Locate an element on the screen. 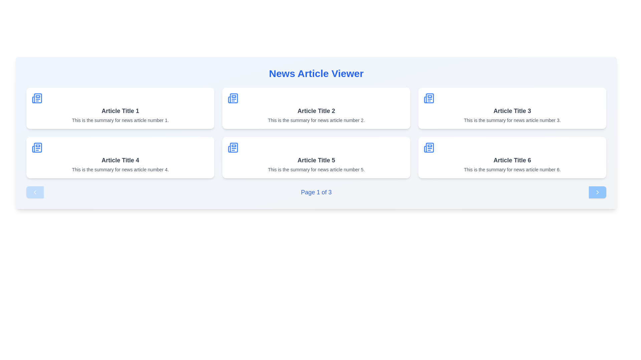  the blue newspaper icon located in the card for 'Article Title 5' is located at coordinates (233, 147).